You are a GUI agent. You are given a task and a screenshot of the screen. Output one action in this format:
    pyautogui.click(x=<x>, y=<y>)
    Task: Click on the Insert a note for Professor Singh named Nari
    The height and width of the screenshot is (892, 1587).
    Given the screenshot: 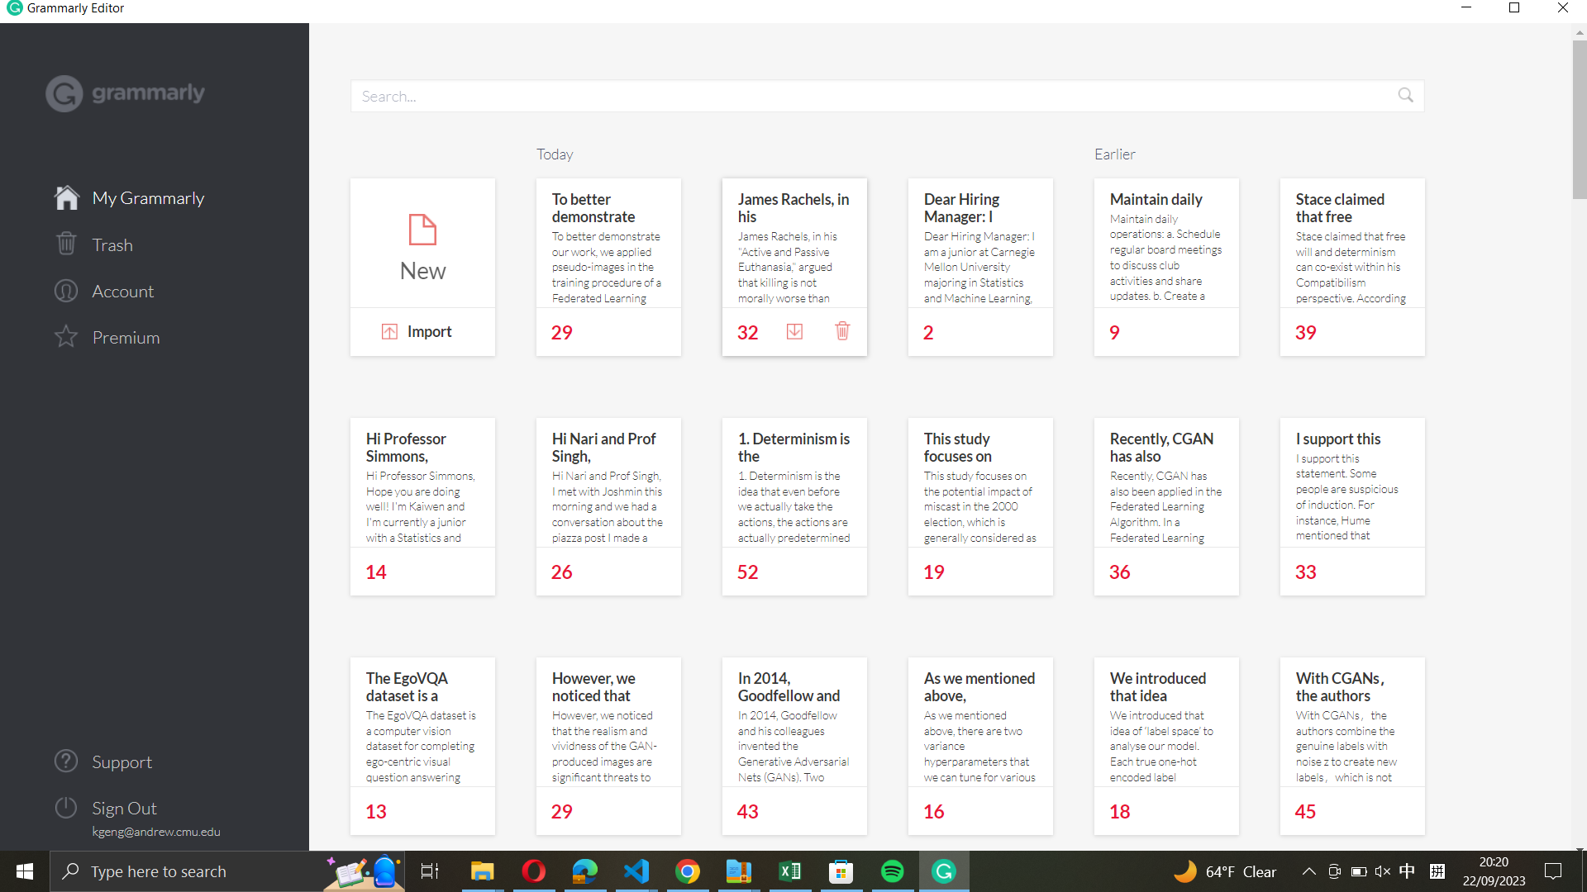 What is the action you would take?
    pyautogui.click(x=608, y=482)
    